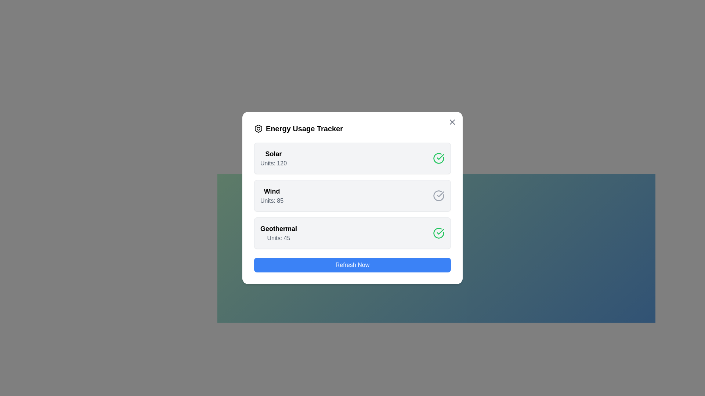 Image resolution: width=705 pixels, height=396 pixels. What do you see at coordinates (352, 233) in the screenshot?
I see `the Information display card that shows geothermal energy usage, which is the third item in a vertically arranged list of segments, located below the 'Wind' segment` at bounding box center [352, 233].